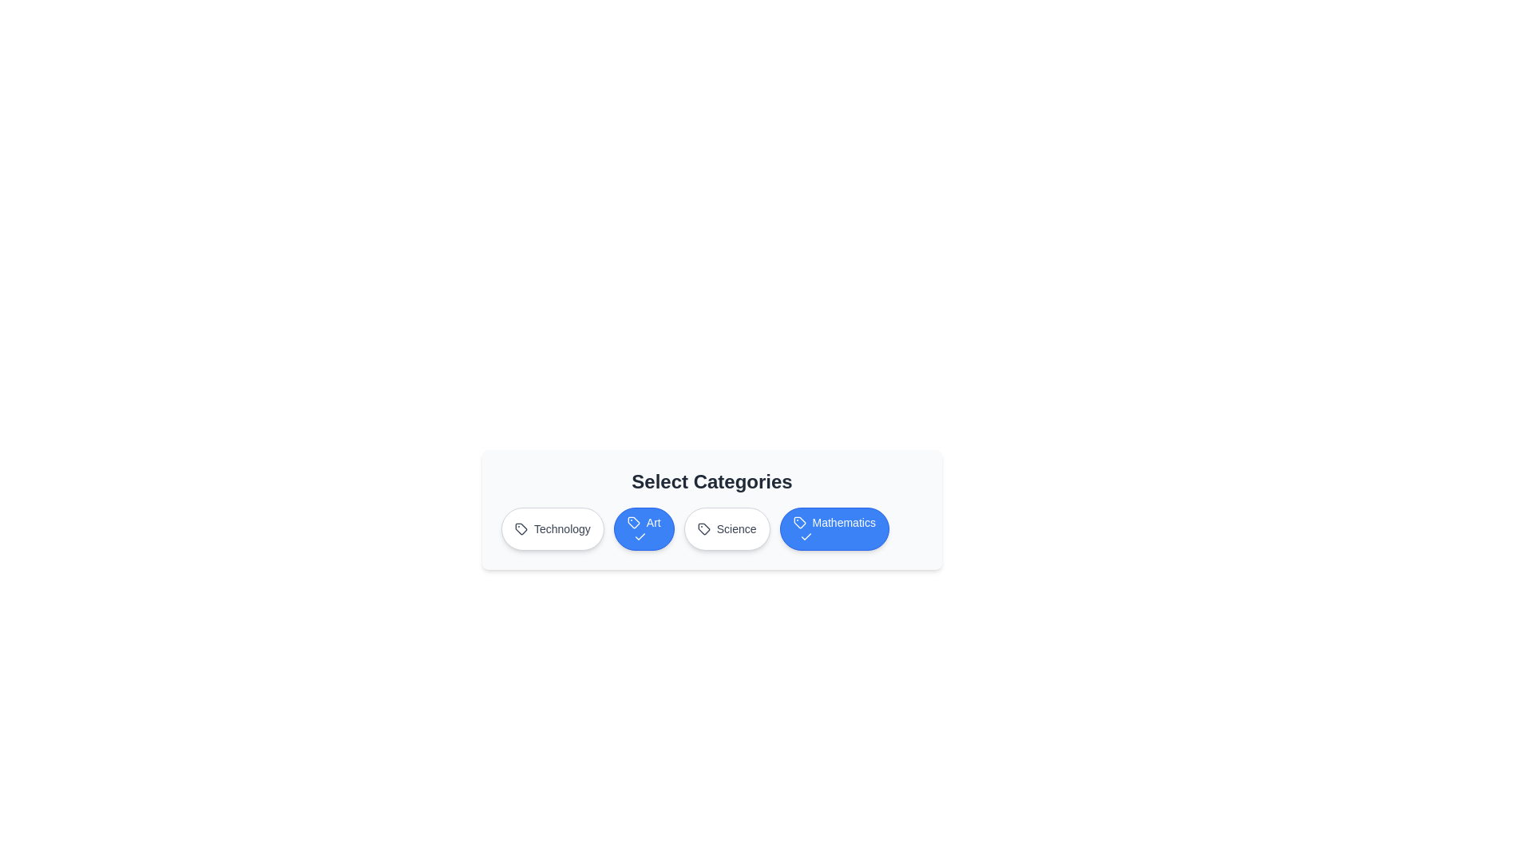 This screenshot has height=862, width=1533. I want to click on the Mathematics button, so click(834, 529).